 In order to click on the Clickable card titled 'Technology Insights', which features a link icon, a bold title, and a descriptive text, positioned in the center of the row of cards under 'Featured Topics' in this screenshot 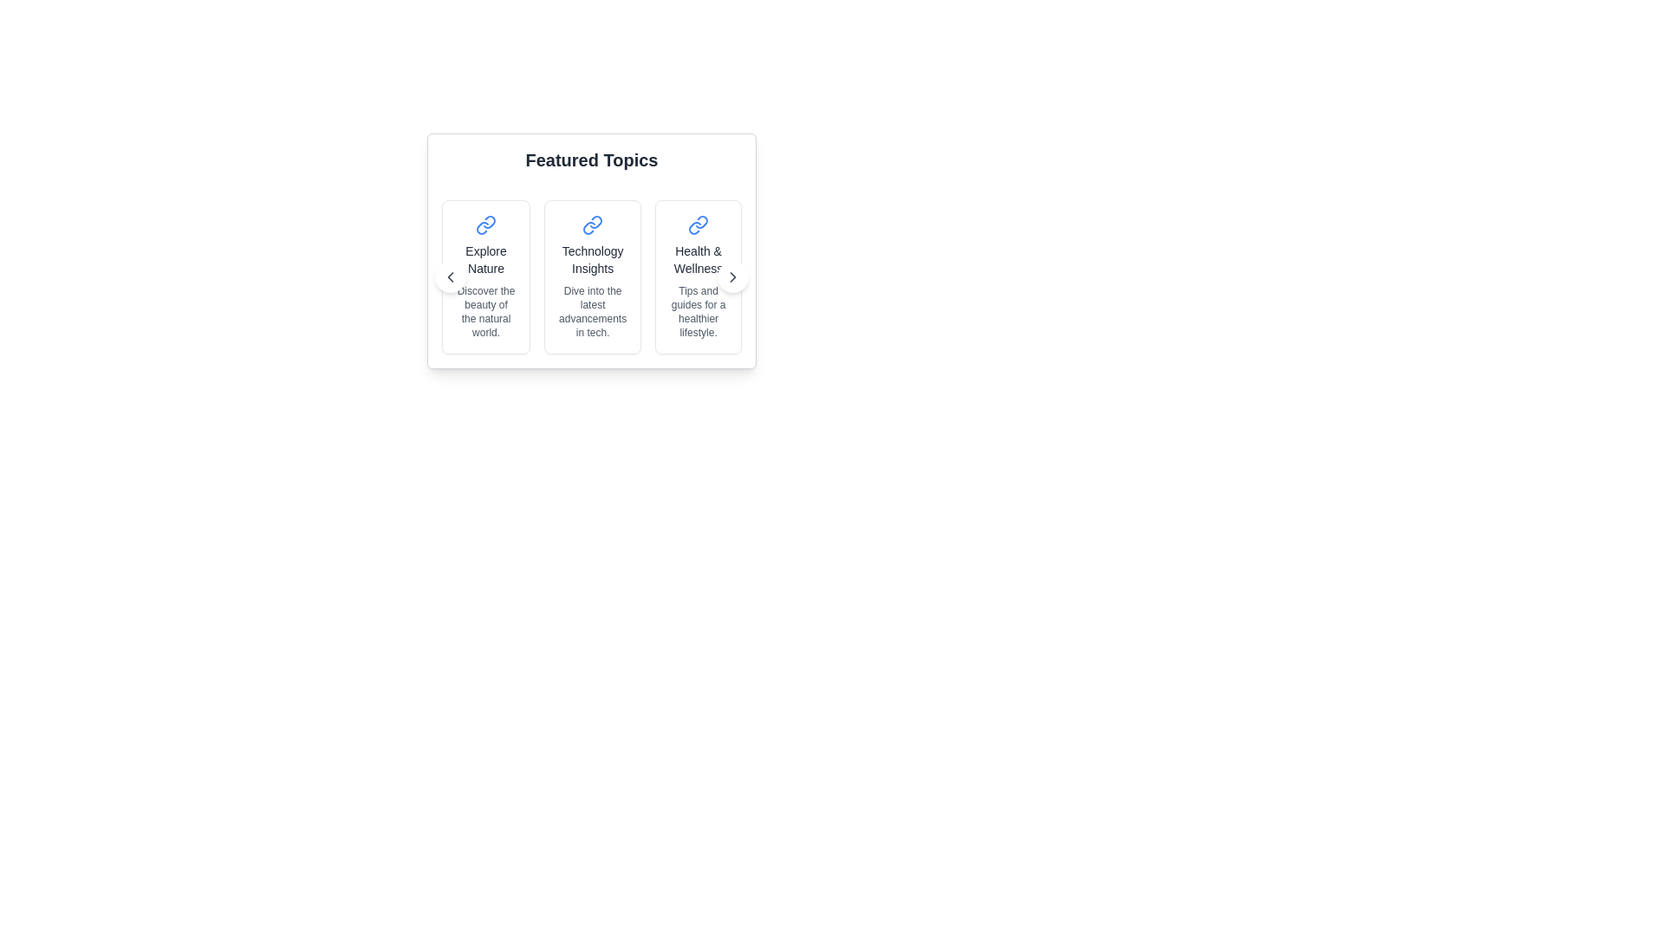, I will do `click(591, 276)`.